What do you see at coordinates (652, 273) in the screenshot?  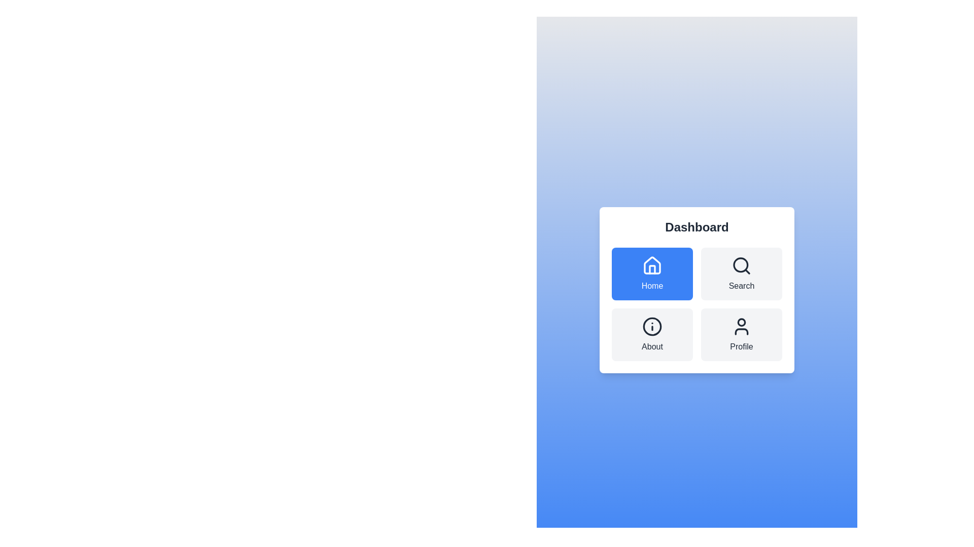 I see `the 'Home' button, which is a rectangular button with a blue background, rounded corners, and a white house icon above the text 'Home'` at bounding box center [652, 273].